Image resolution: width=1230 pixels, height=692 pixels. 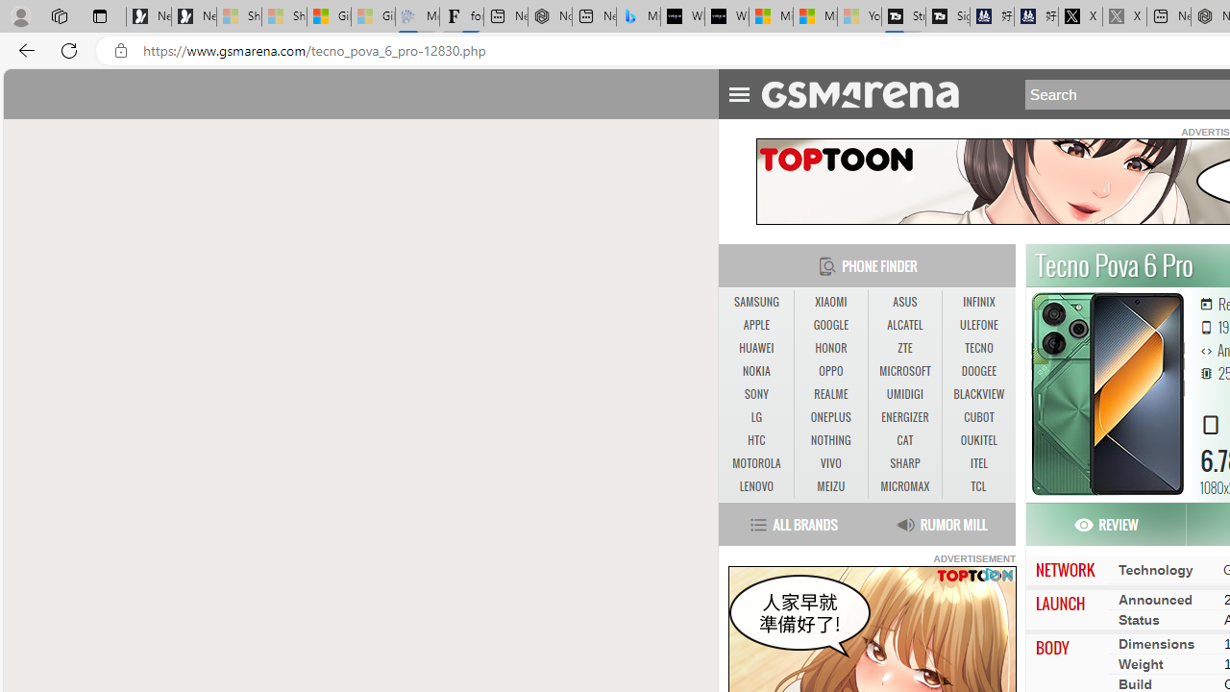 I want to click on 'HTC', so click(x=755, y=440).